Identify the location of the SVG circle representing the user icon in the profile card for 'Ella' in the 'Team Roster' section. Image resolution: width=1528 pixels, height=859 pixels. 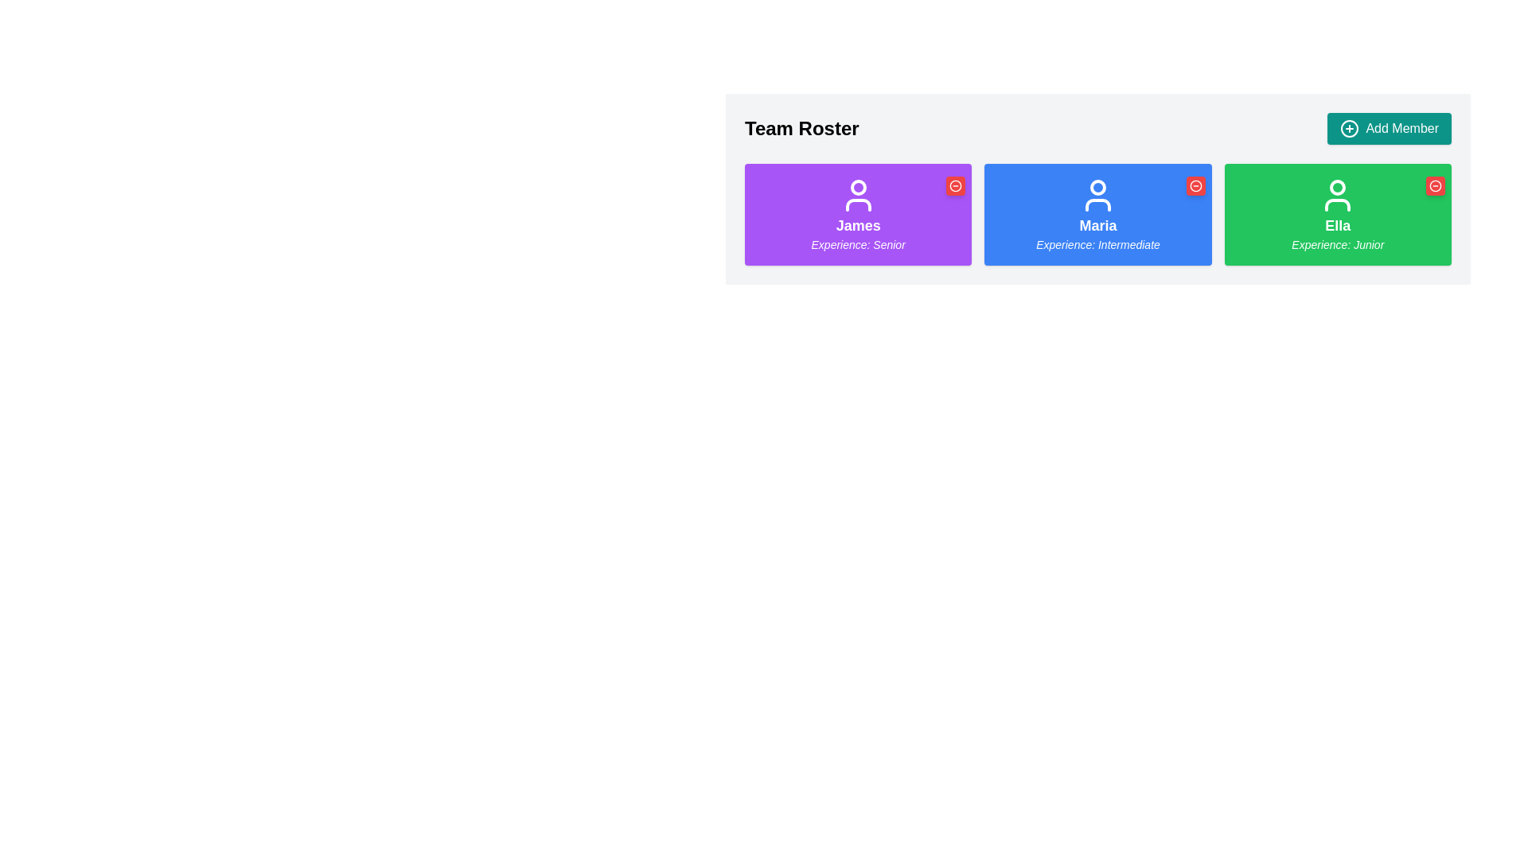
(1337, 186).